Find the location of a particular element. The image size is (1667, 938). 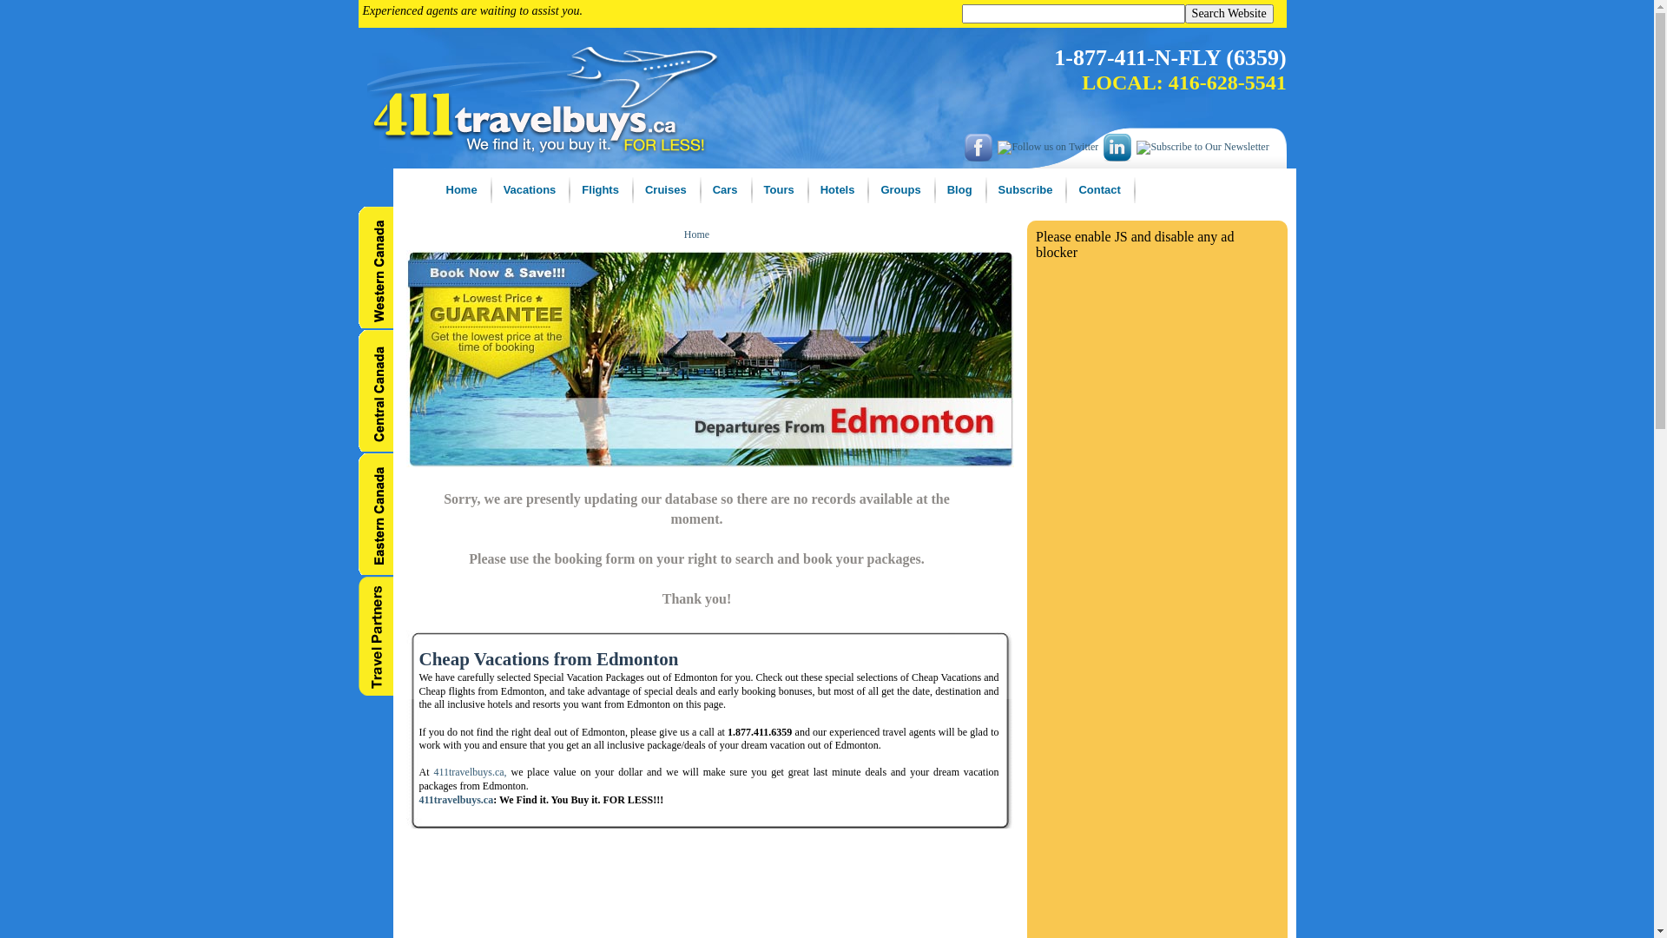

'Hotels' is located at coordinates (838, 190).